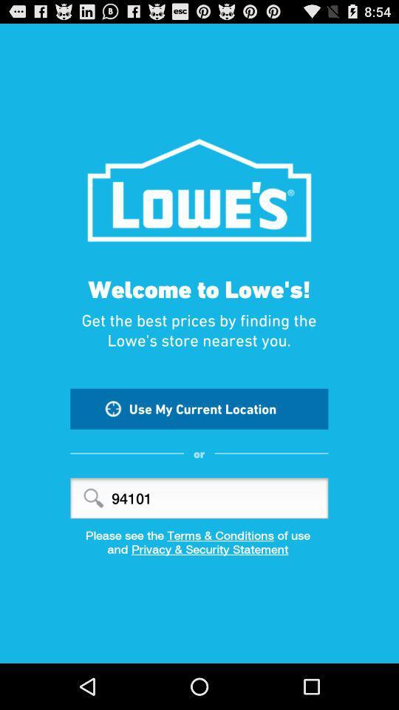 The height and width of the screenshot is (710, 399). What do you see at coordinates (199, 534) in the screenshot?
I see `the item below 94101` at bounding box center [199, 534].